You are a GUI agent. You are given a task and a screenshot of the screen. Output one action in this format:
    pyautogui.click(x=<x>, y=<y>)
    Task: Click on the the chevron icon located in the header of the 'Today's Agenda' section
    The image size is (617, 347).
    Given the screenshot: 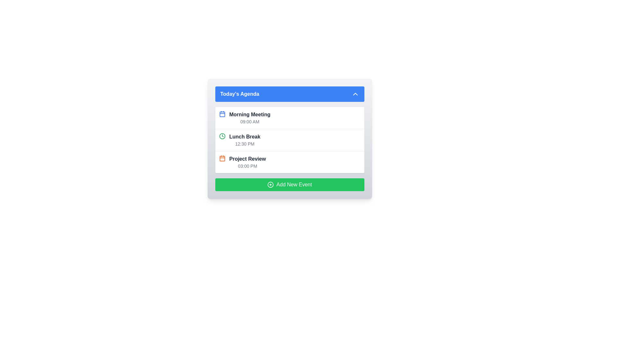 What is the action you would take?
    pyautogui.click(x=355, y=94)
    